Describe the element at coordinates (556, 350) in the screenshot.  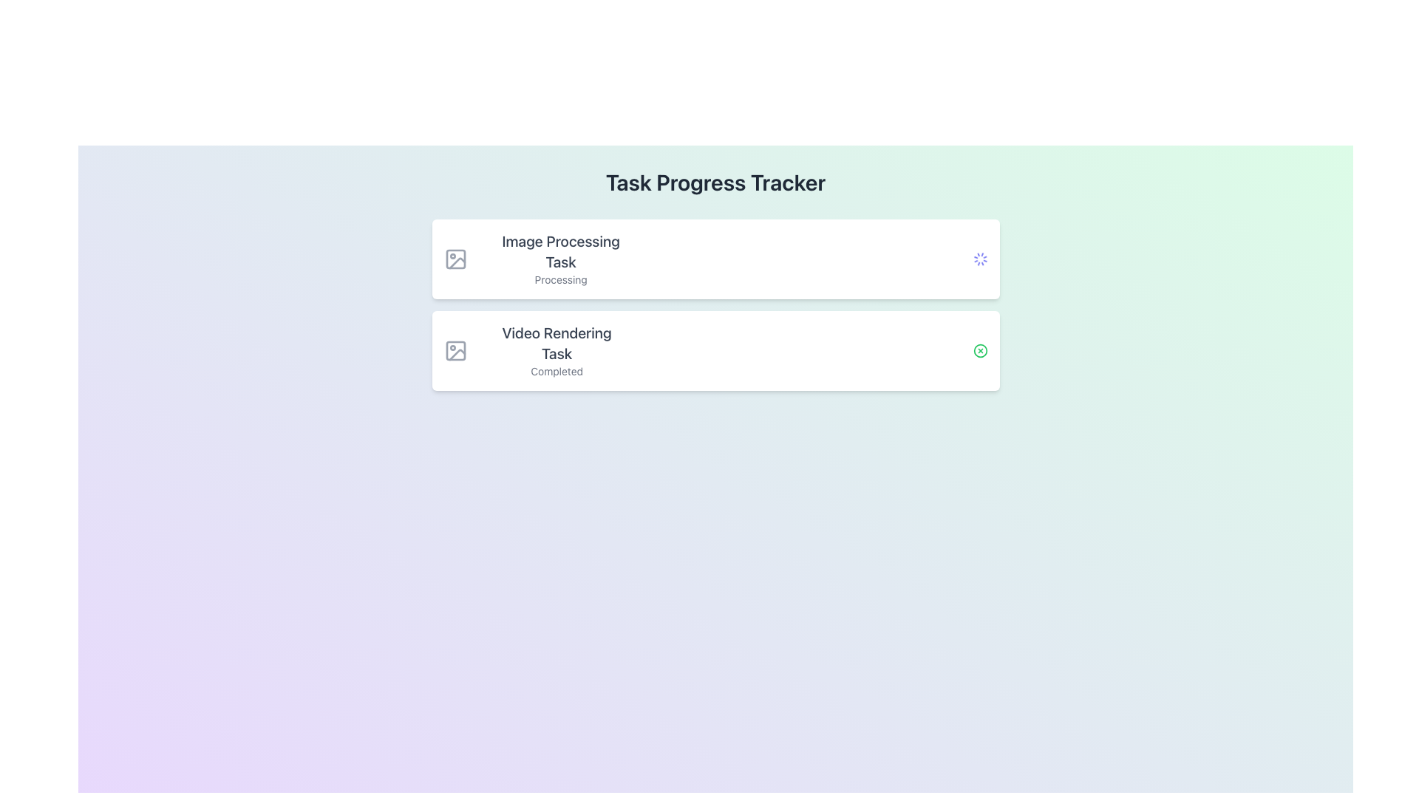
I see `the text display element that shows the name and completion status of the task, specifically 'Video Rendering Task' with the status 'Completed', located in the second card section of the 'Task Progress Tracker'` at that location.